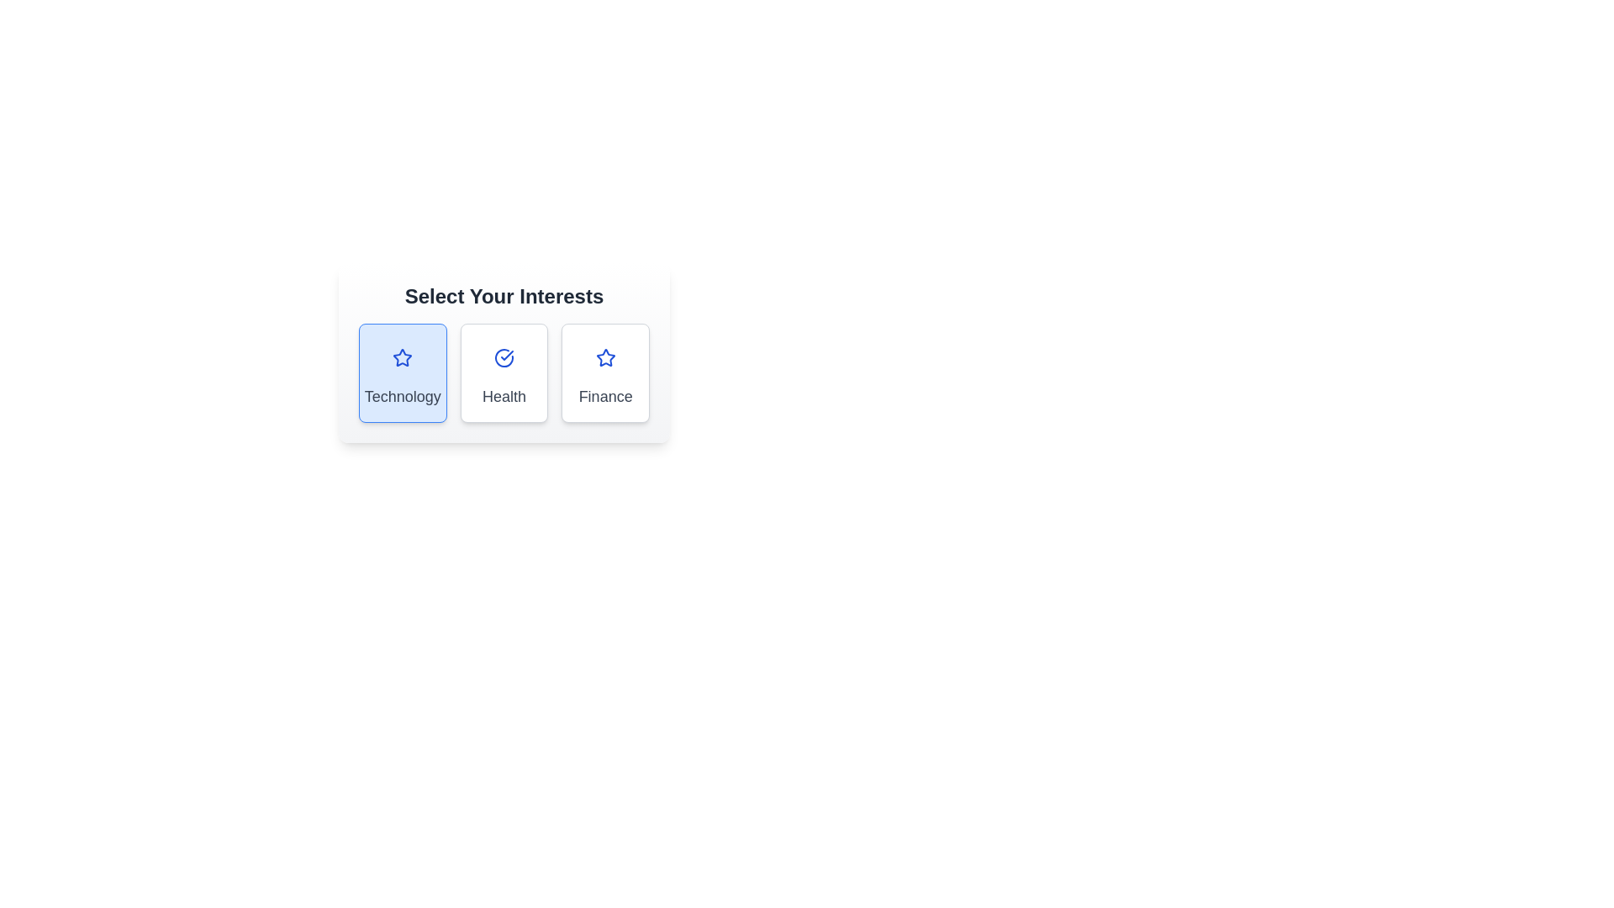 The height and width of the screenshot is (908, 1614). Describe the element at coordinates (504, 372) in the screenshot. I see `the category Health` at that location.